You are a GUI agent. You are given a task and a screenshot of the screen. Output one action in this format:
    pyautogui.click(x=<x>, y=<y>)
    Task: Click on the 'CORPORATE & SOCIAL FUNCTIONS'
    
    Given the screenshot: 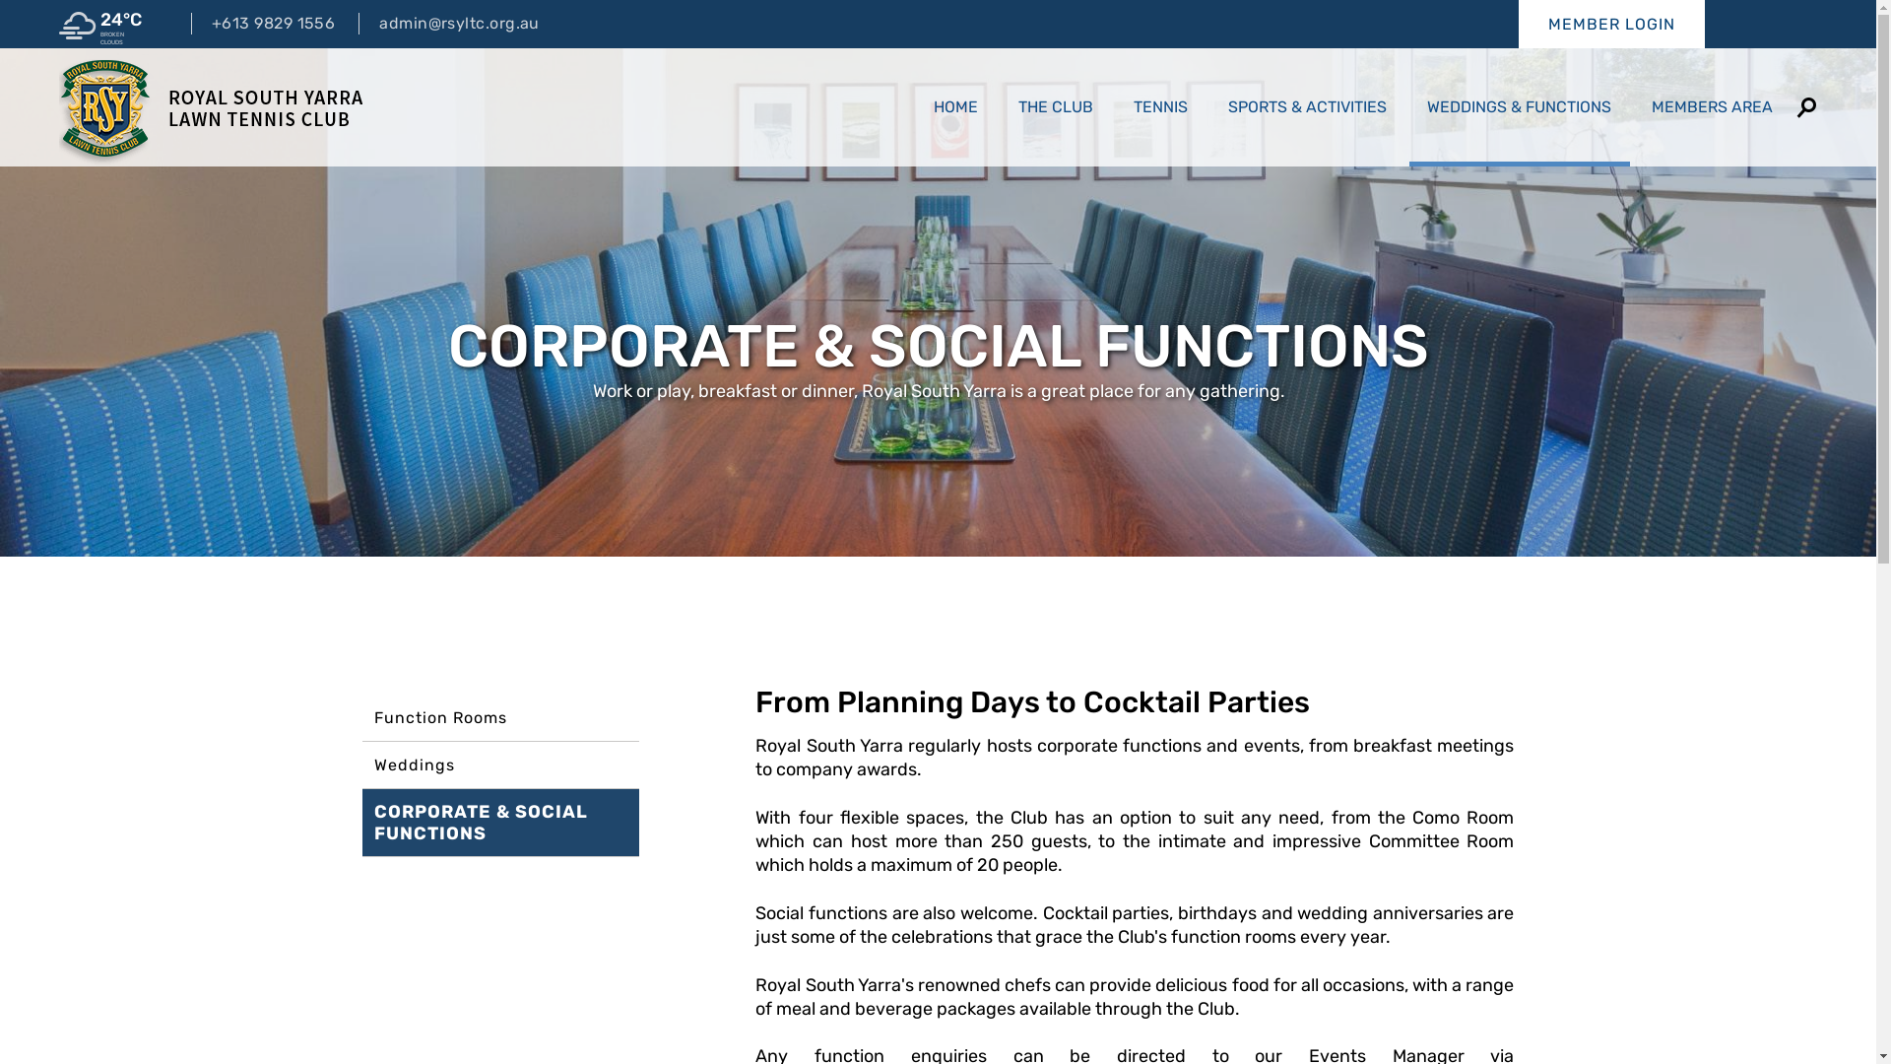 What is the action you would take?
    pyautogui.click(x=362, y=822)
    